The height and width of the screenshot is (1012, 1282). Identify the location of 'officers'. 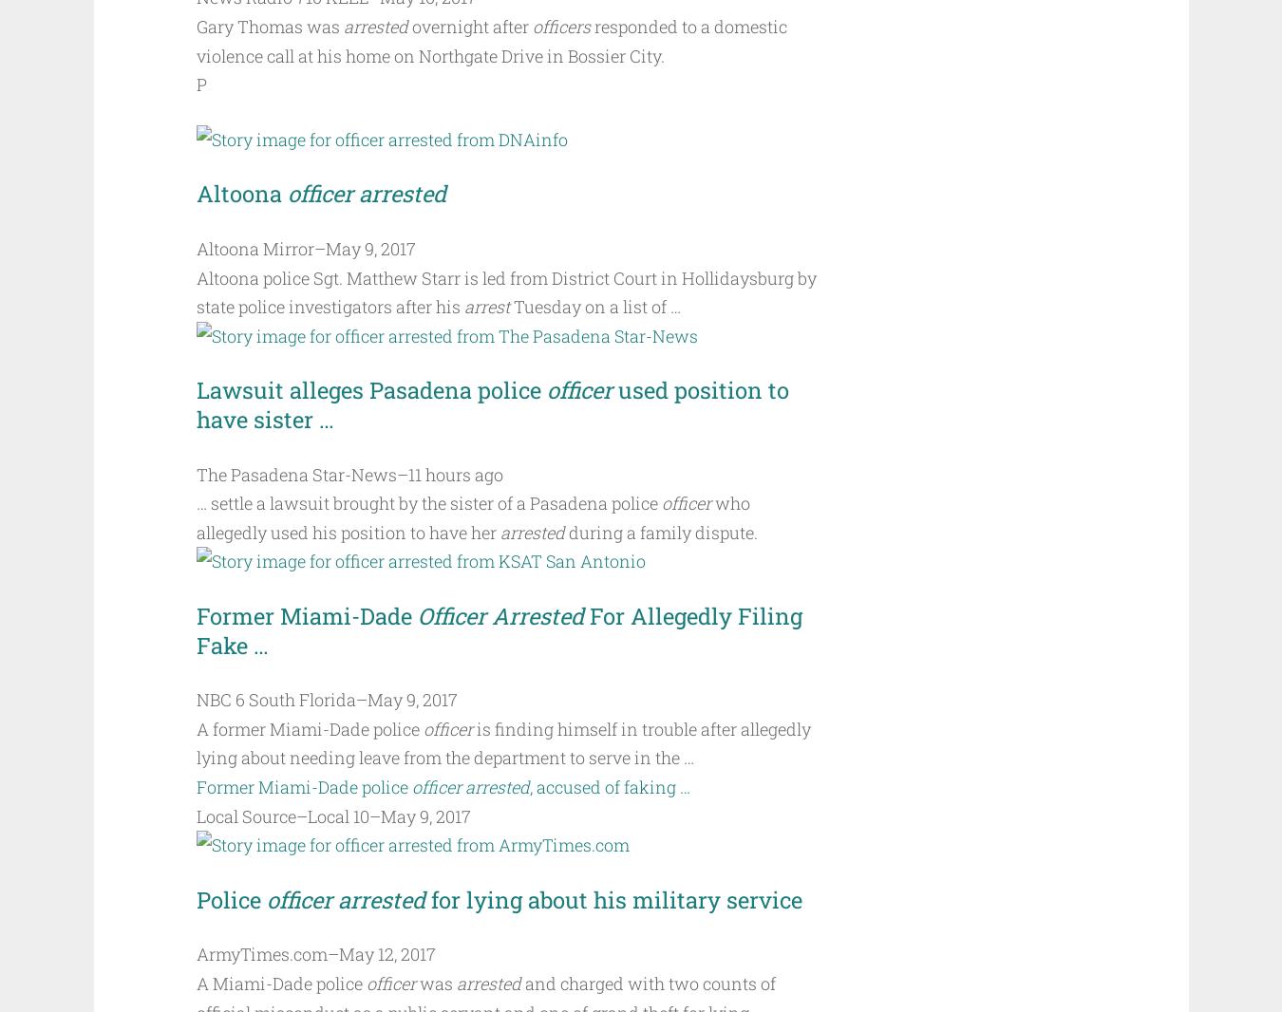
(560, 26).